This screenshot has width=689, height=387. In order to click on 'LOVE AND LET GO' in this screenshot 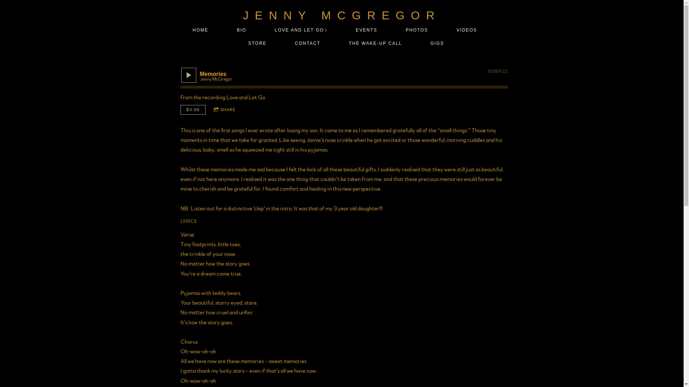, I will do `click(301, 30)`.